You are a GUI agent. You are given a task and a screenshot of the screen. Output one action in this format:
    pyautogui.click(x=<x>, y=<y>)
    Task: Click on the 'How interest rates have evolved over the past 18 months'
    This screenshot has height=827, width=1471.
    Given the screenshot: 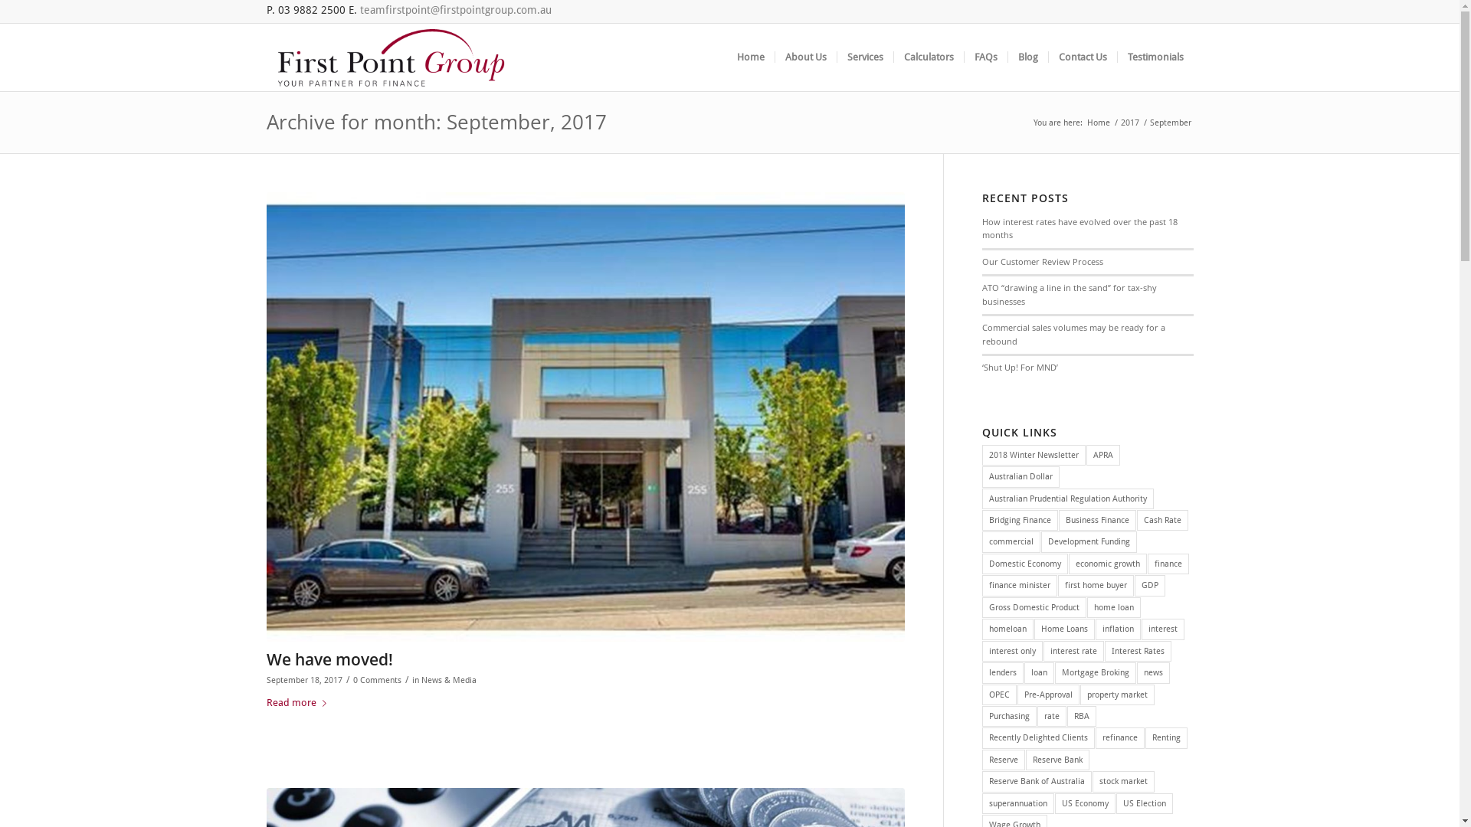 What is the action you would take?
    pyautogui.click(x=1079, y=228)
    